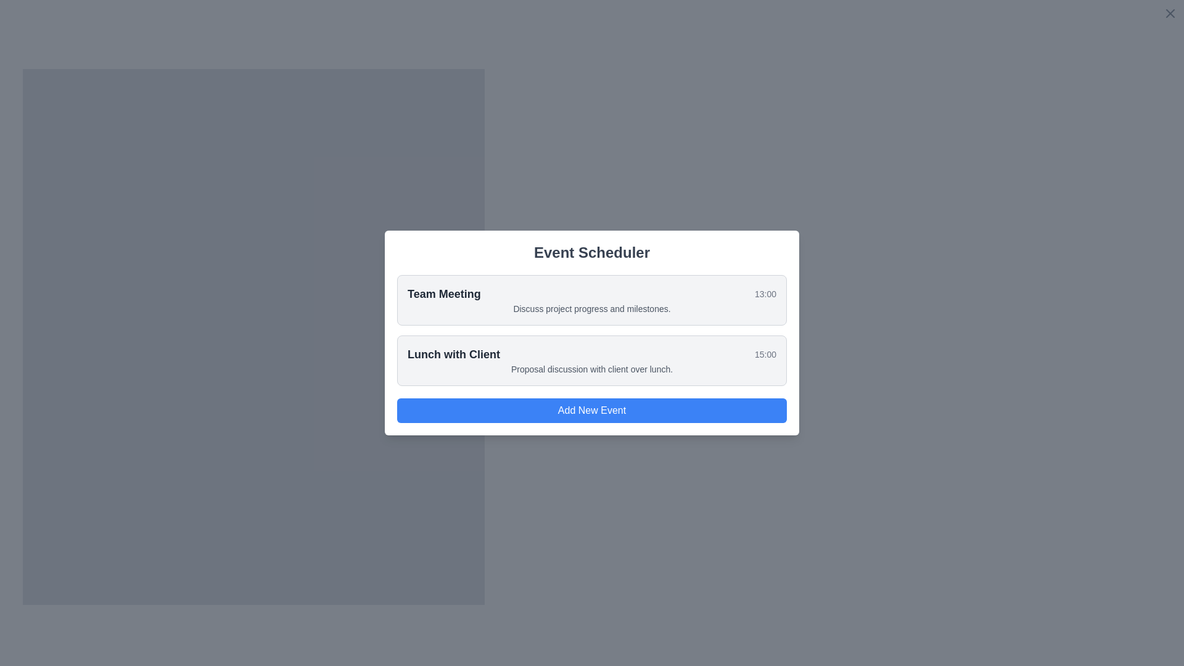 The height and width of the screenshot is (666, 1184). What do you see at coordinates (444, 294) in the screenshot?
I see `the Text label that serves to name the event being scheduled in the 'Event Scheduler' interface, which is located at the top of the event entry box` at bounding box center [444, 294].